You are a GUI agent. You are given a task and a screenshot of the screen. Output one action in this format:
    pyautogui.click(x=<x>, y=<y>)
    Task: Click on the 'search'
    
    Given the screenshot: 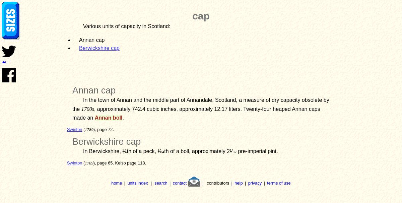 What is the action you would take?
    pyautogui.click(x=160, y=182)
    